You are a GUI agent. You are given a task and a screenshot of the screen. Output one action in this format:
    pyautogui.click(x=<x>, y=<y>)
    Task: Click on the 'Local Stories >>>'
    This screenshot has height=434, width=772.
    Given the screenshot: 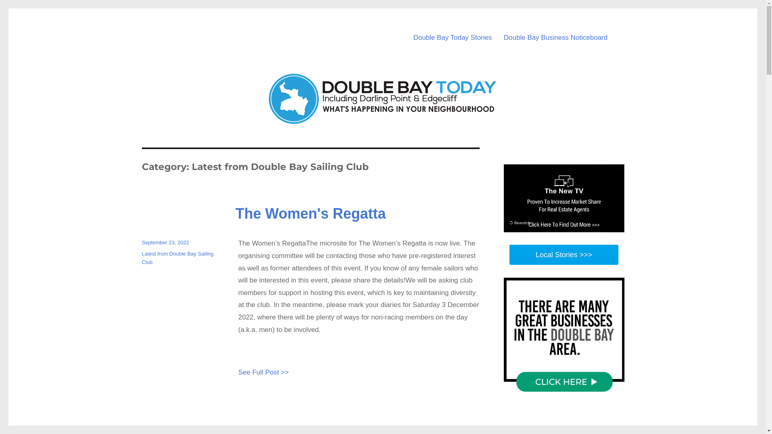 What is the action you would take?
    pyautogui.click(x=563, y=254)
    